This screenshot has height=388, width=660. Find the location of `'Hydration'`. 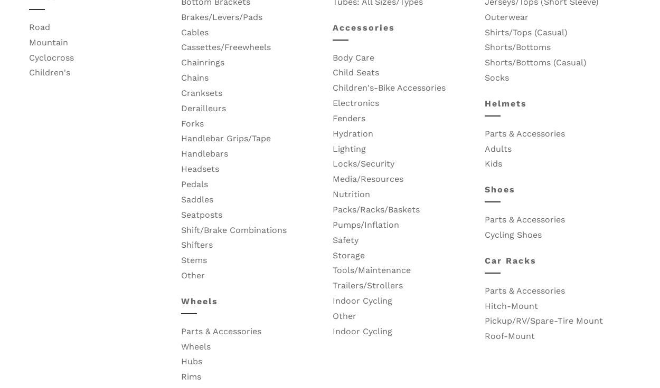

'Hydration' is located at coordinates (353, 133).